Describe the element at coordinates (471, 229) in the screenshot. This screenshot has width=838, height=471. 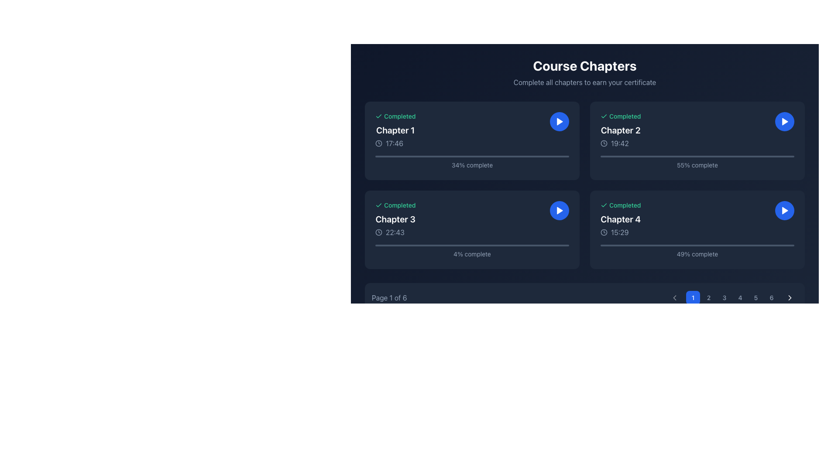
I see `the progress indicator on the Informational card labeled 'Completed', which is located in the lower-left quadrant of the grid layout` at that location.